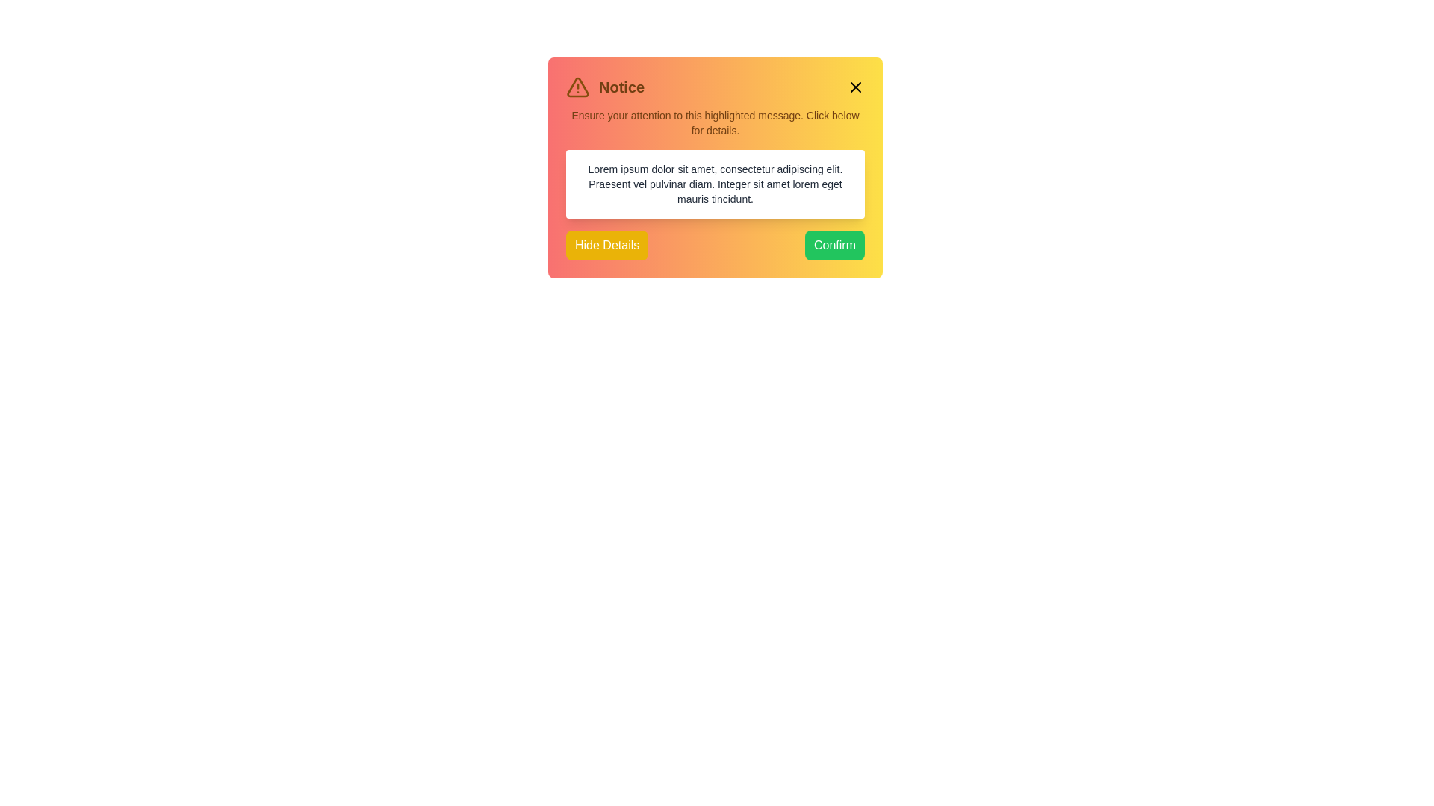  Describe the element at coordinates (606, 244) in the screenshot. I see `the 'Hide Details' button to toggle the visibility of the details section` at that location.